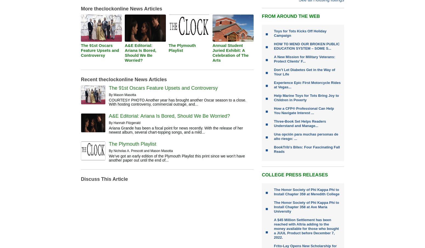 This screenshot has height=248, width=425. What do you see at coordinates (109, 129) in the screenshot?
I see `'Ariana Grande has been a focal point for news recently. With the release of her newest album, several chart-topping songs, and a mild...'` at bounding box center [109, 129].